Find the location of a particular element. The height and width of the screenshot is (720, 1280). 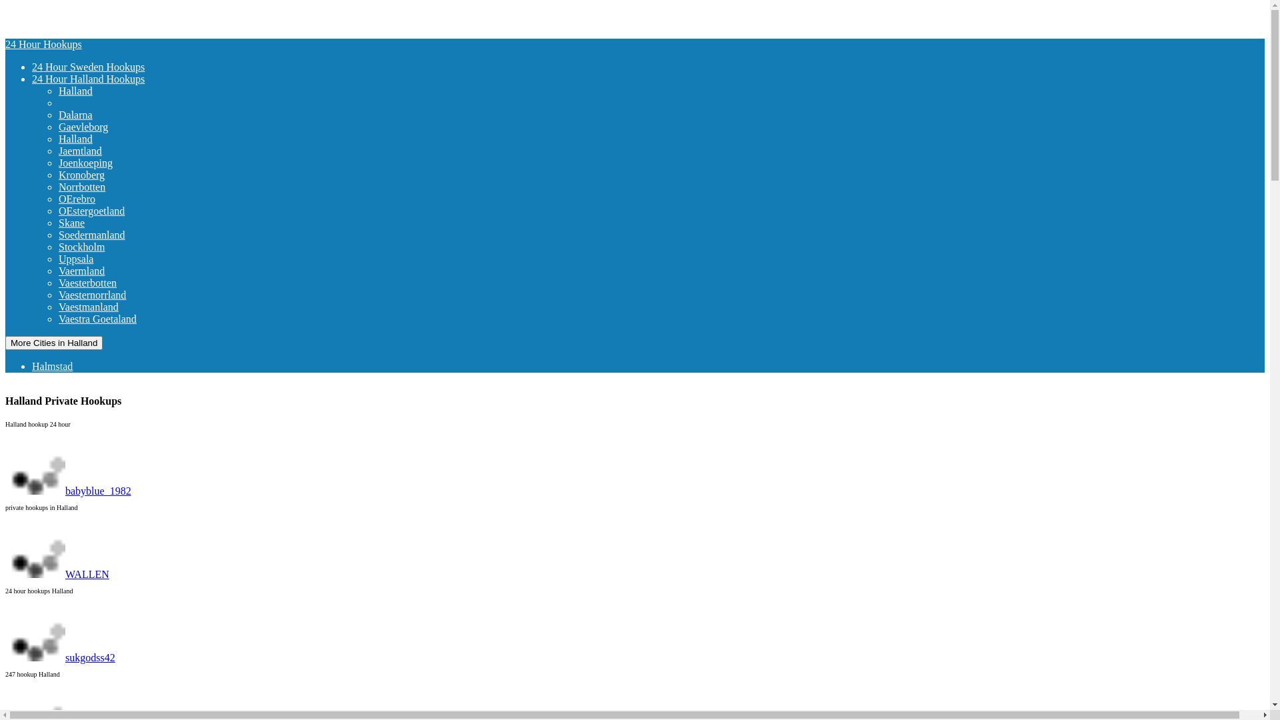

'Dalarna' is located at coordinates (98, 114).